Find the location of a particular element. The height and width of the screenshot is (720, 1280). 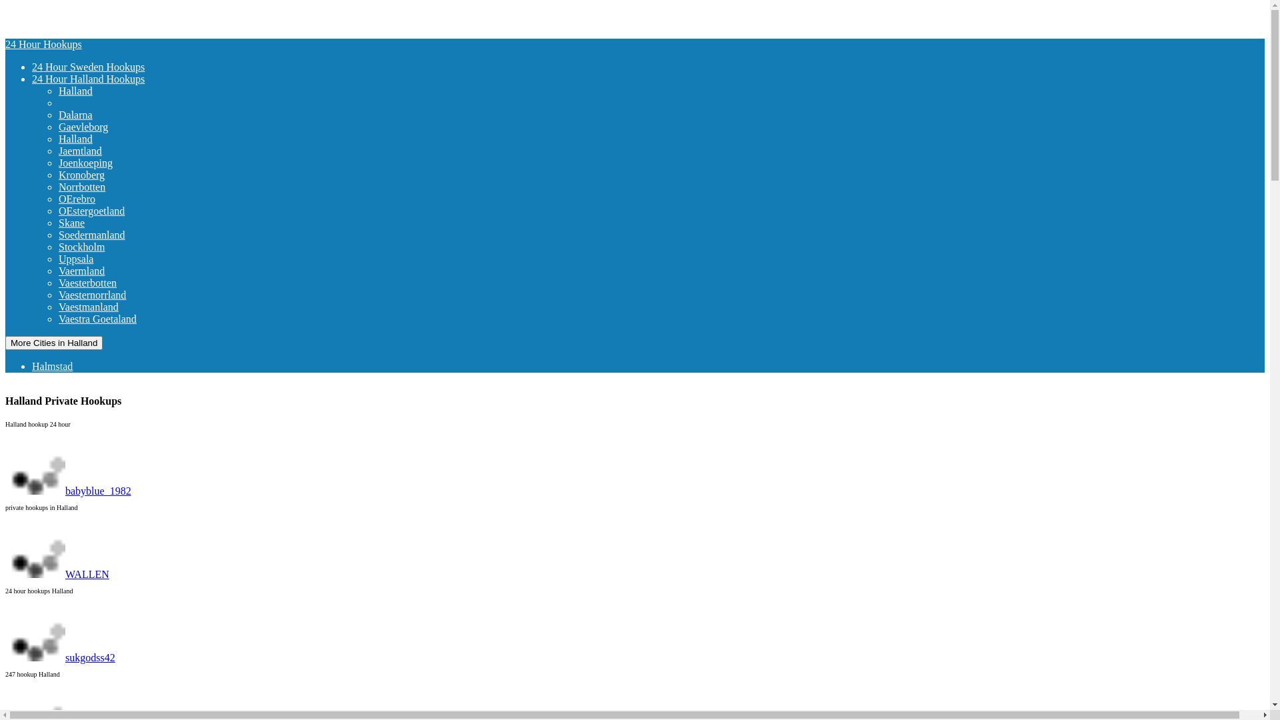

'Dalarna' is located at coordinates (98, 114).